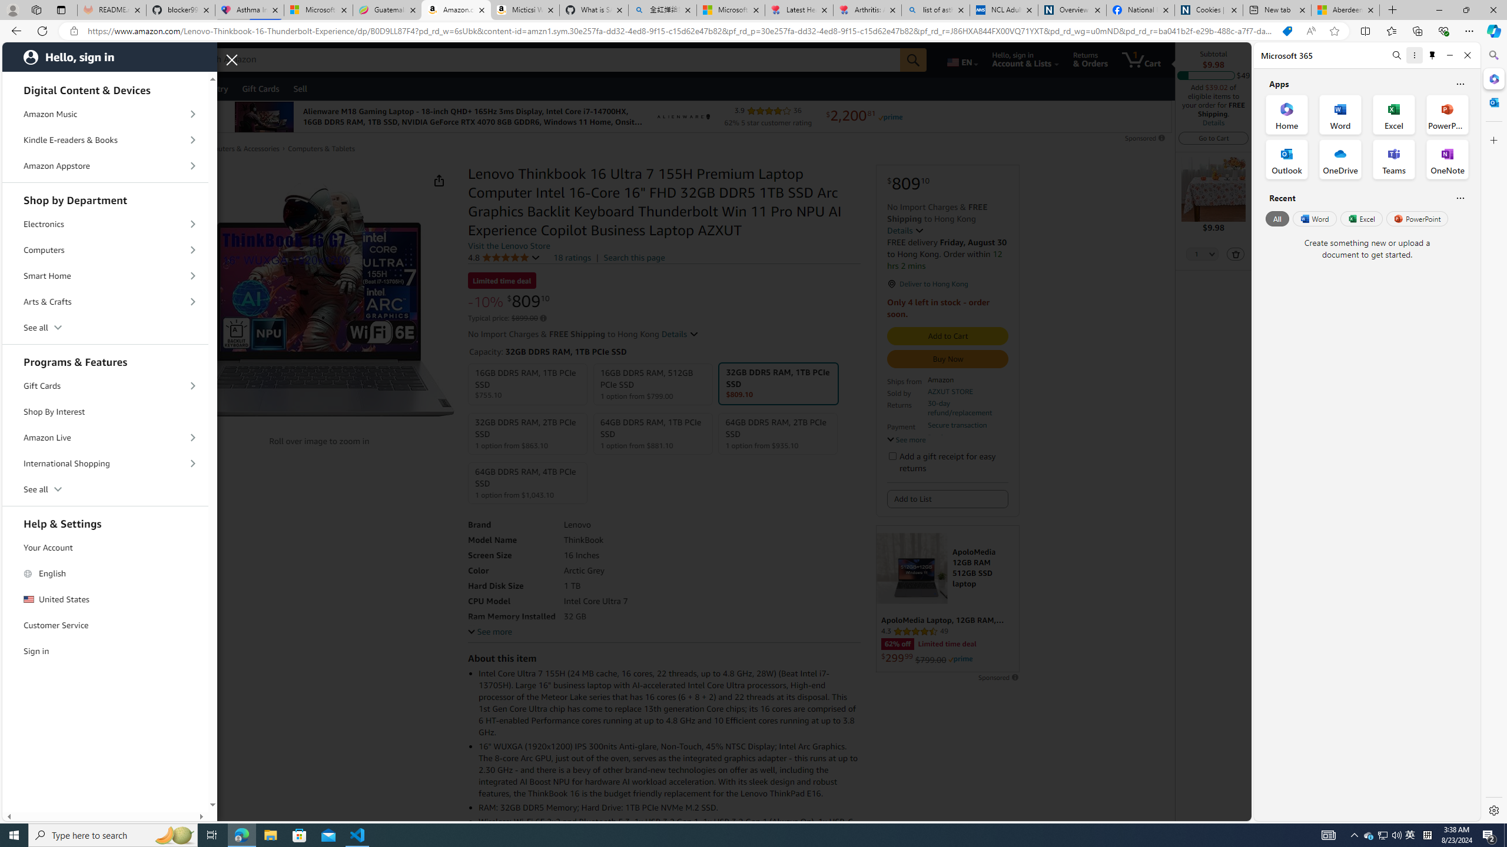  Describe the element at coordinates (105, 626) in the screenshot. I see `'Customer Service'` at that location.